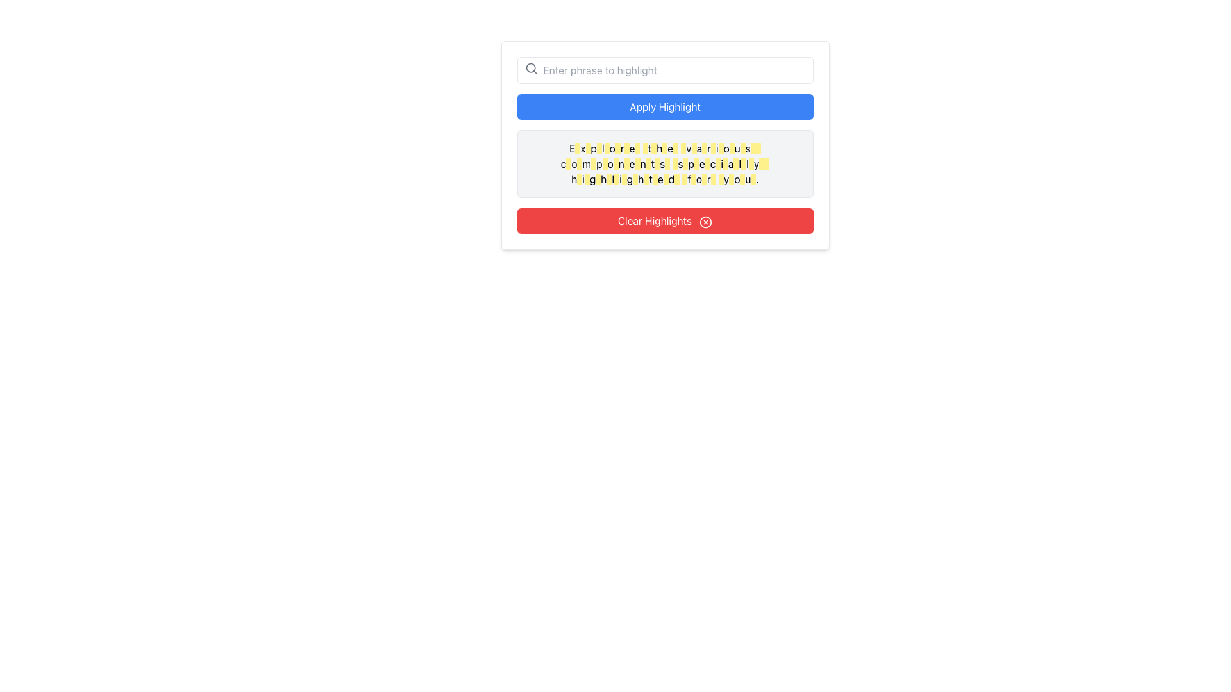 The image size is (1231, 692). Describe the element at coordinates (579, 163) in the screenshot. I see `the yellow-highlighted text area within the sentence 'Explore the various components specially highlighted for you.', specifically around the letter 'o' in 'components'` at that location.